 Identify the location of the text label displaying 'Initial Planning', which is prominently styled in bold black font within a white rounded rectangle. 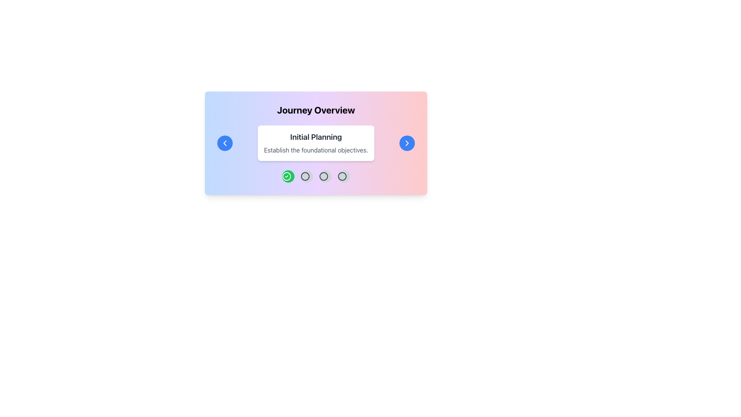
(316, 136).